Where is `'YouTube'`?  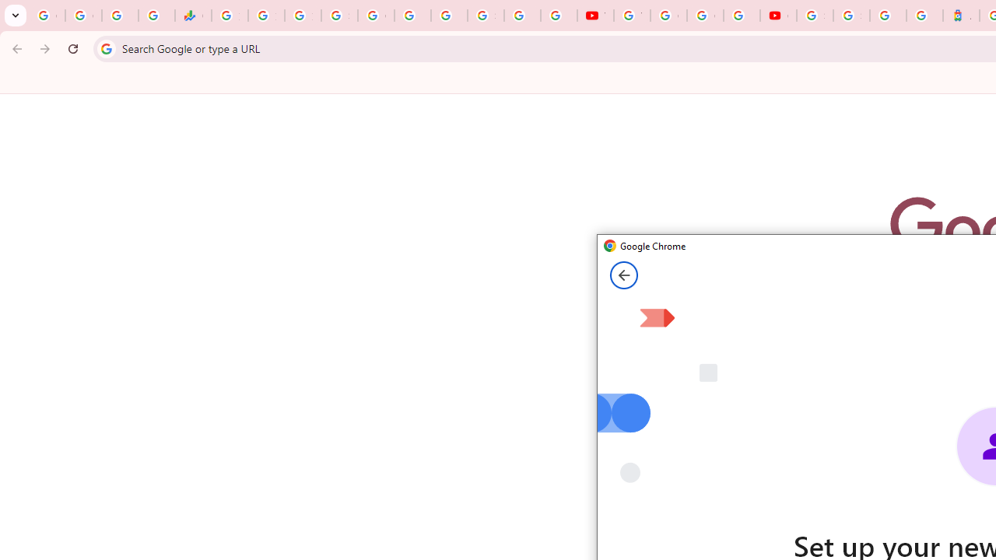
'YouTube' is located at coordinates (594, 16).